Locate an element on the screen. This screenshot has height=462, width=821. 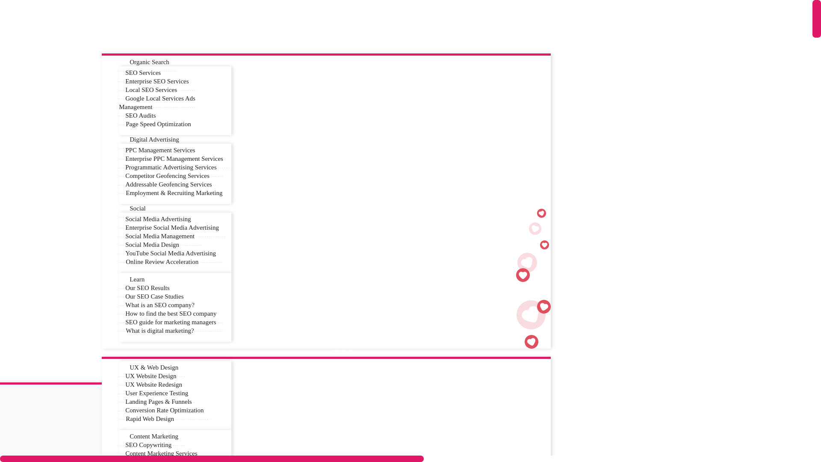
'Landing Pages & Funnels' is located at coordinates (118, 402).